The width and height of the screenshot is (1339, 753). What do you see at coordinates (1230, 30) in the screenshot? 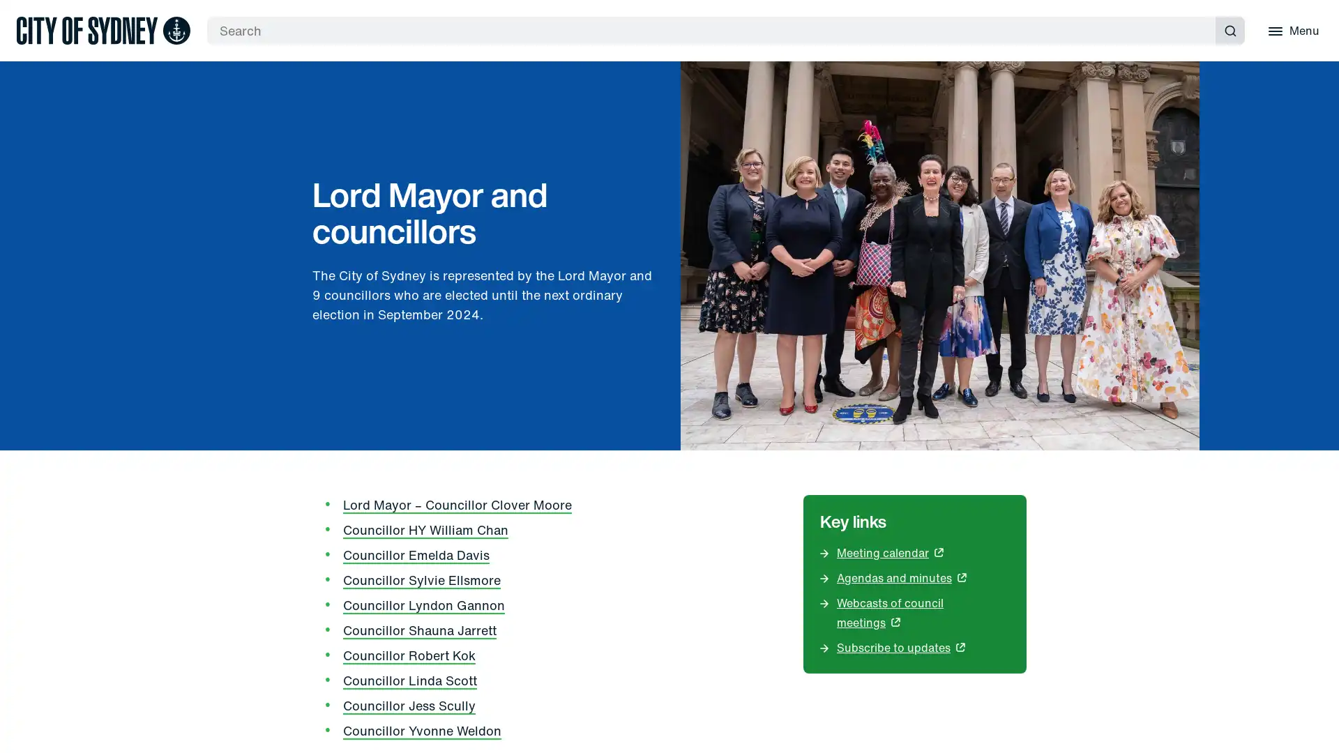
I see `Submit search` at bounding box center [1230, 30].